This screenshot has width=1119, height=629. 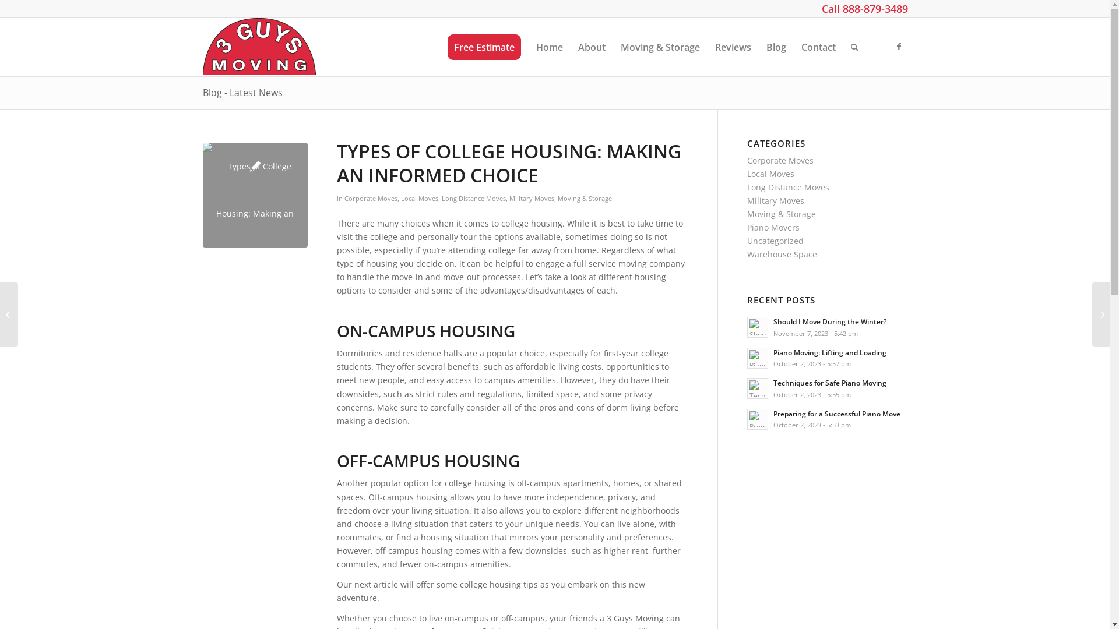 I want to click on 'Long Distance Moves', so click(x=473, y=197).